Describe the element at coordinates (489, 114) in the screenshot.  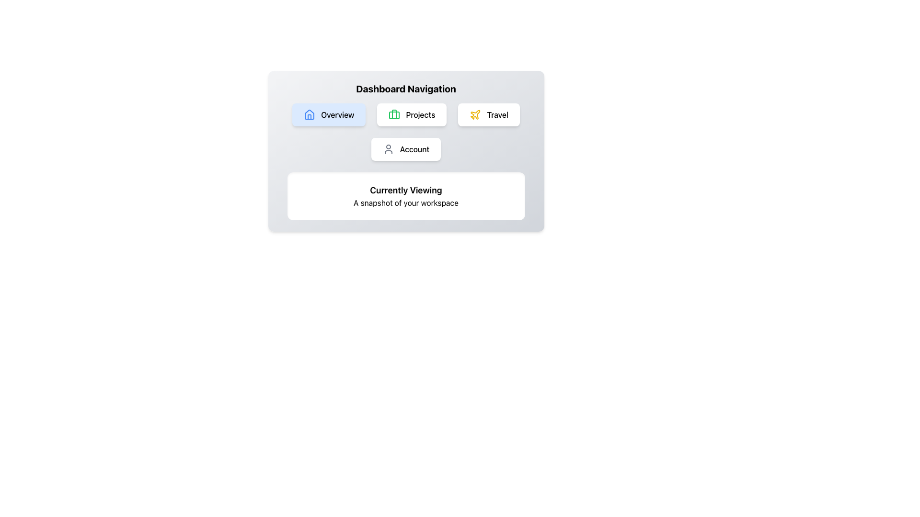
I see `the 'Travel' button in the navigation menu for keyboard navigation` at that location.